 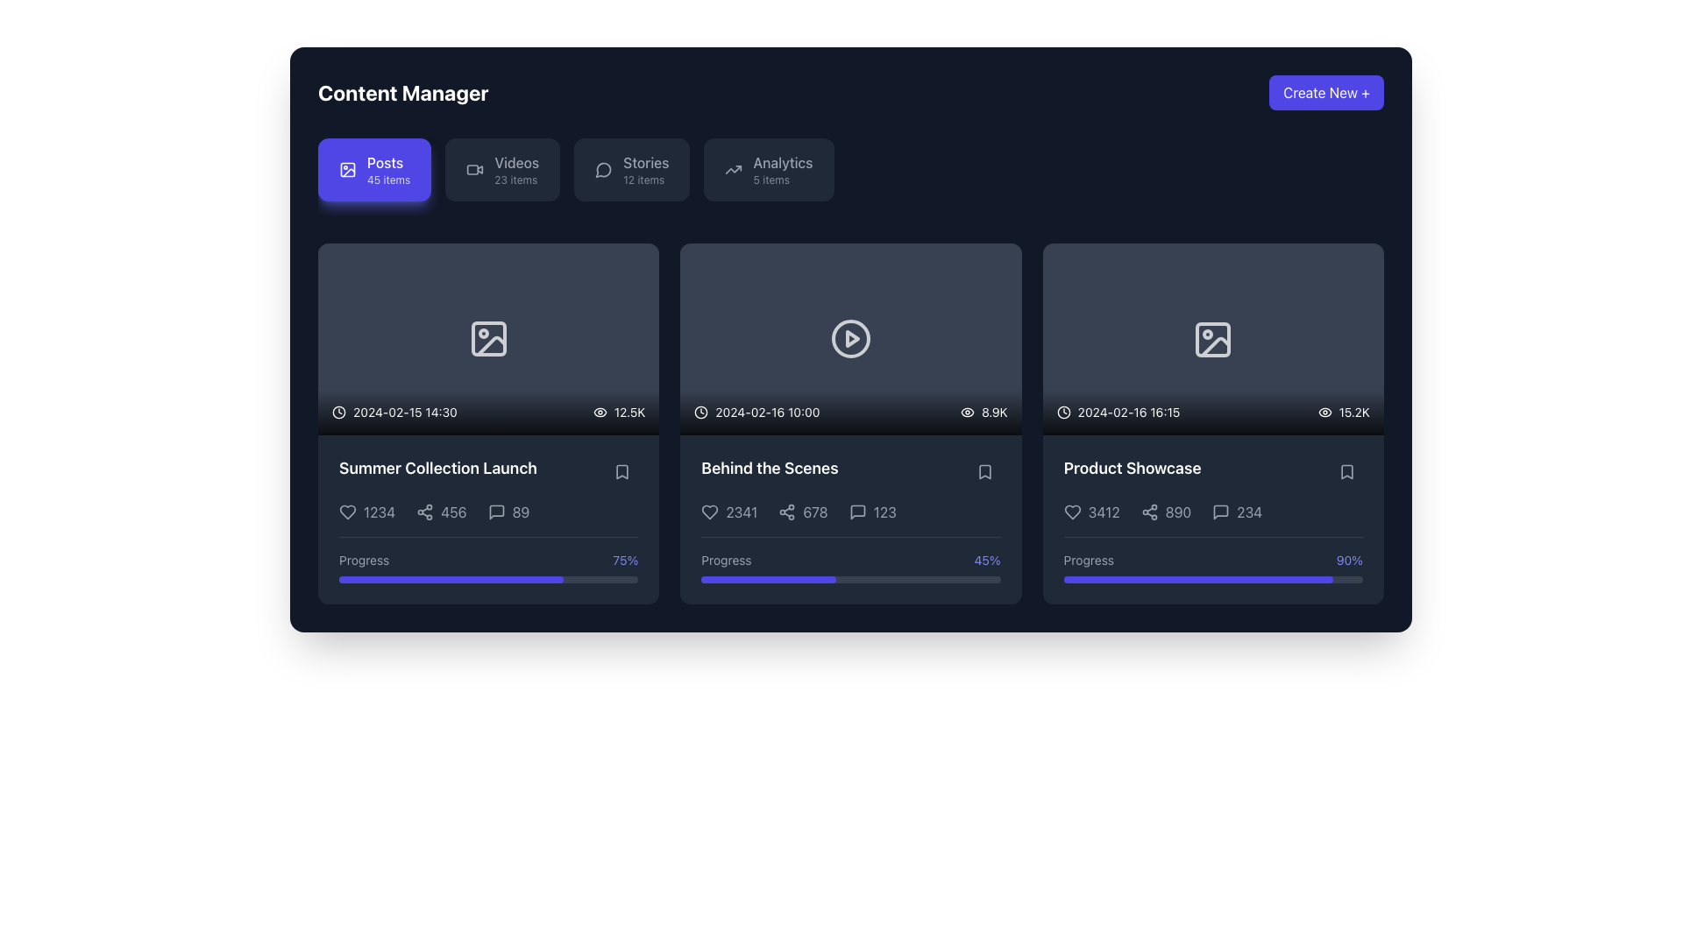 What do you see at coordinates (363, 561) in the screenshot?
I see `the 'Progress' text label that displays the word 'Progress' in a subtle gray font, located in the lower left corner of the 'Summer Collection Launch' card, adjacent to the percentage indicator` at bounding box center [363, 561].